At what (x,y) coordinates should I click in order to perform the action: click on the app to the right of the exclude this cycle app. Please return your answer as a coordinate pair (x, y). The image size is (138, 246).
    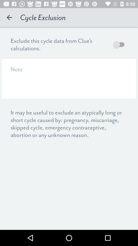
    Looking at the image, I should click on (120, 44).